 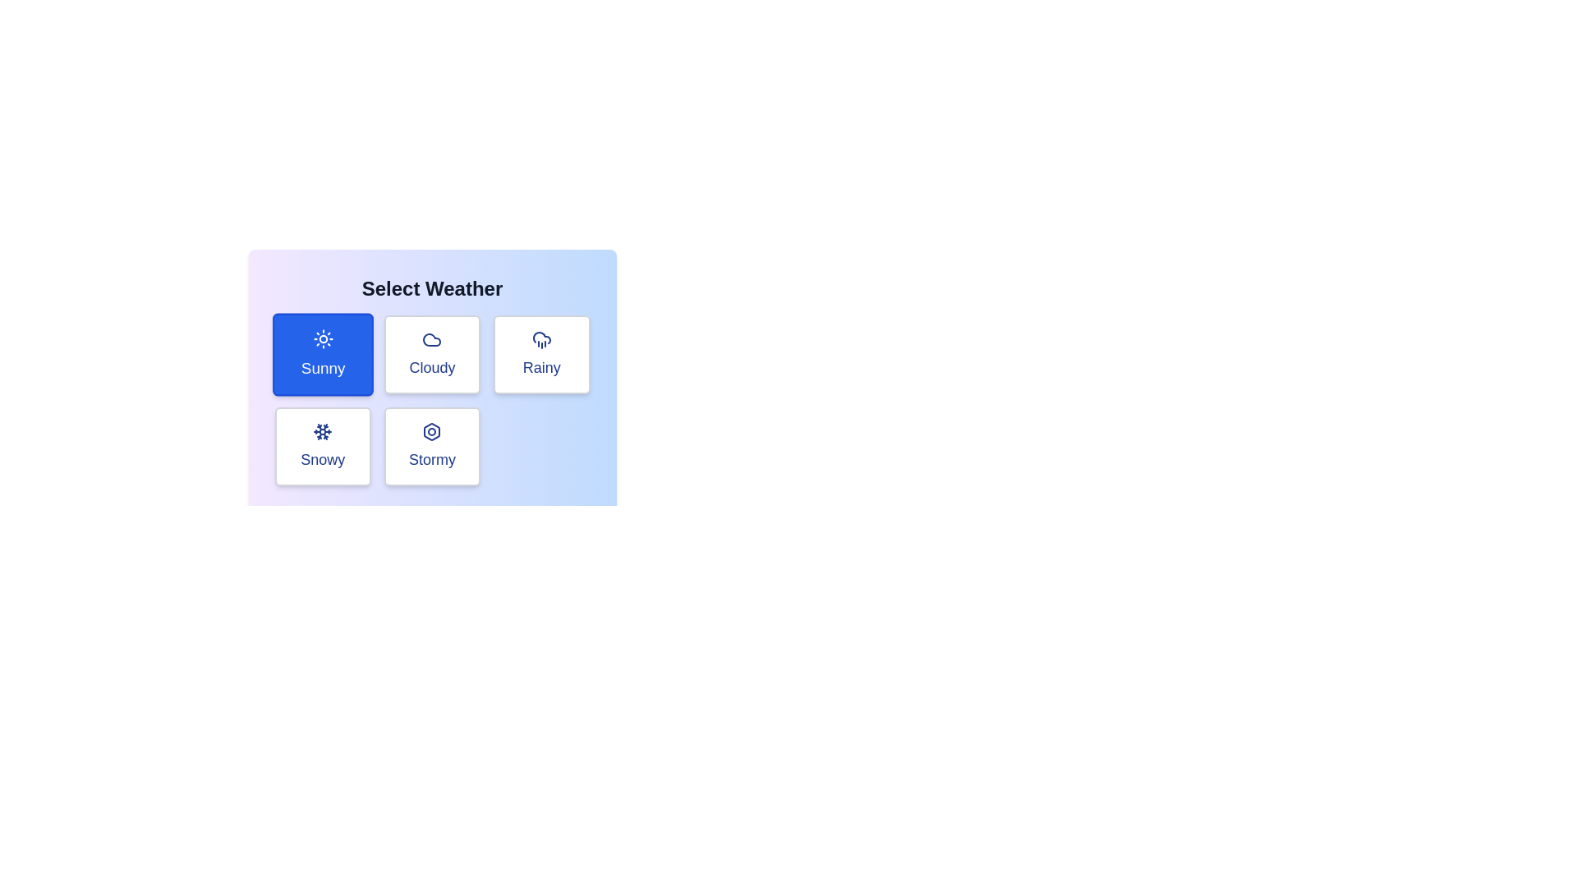 What do you see at coordinates (432, 430) in the screenshot?
I see `storm icon located at the center of the 'Stormy' weather type selection button, positioned at the bottom-right of the grid under the 'Select Weather' heading` at bounding box center [432, 430].